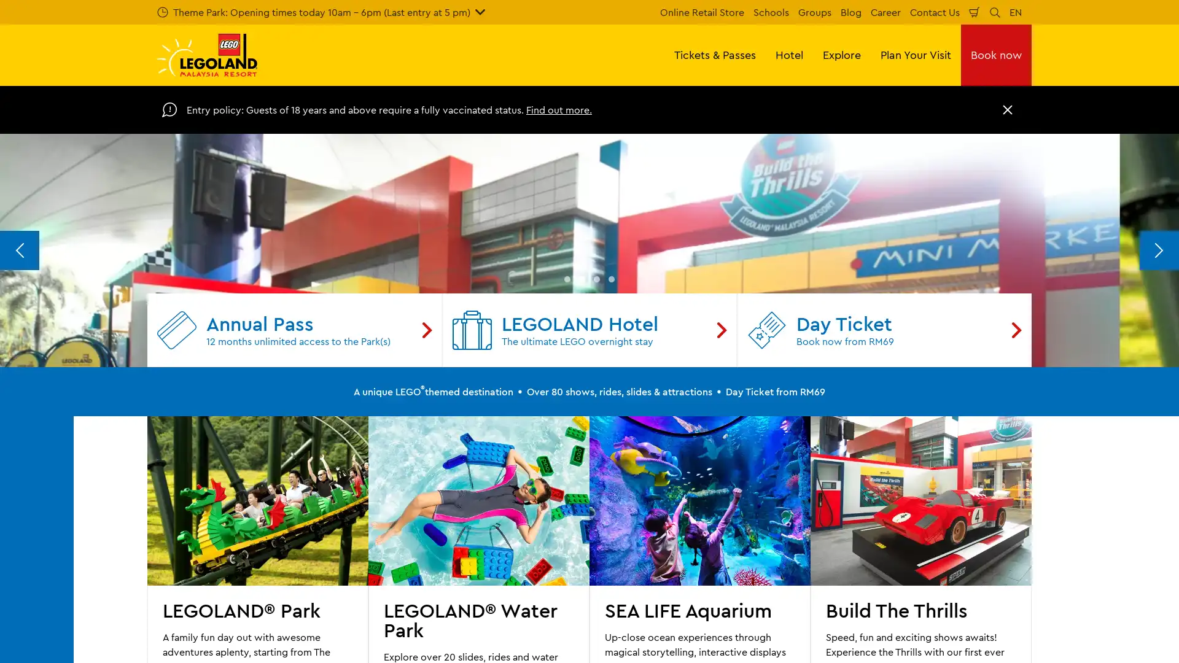 The height and width of the screenshot is (663, 1179). What do you see at coordinates (321, 12) in the screenshot?
I see `Theme Park: Opening times today 10am - 6pm (Last entry at 5 pm)` at bounding box center [321, 12].